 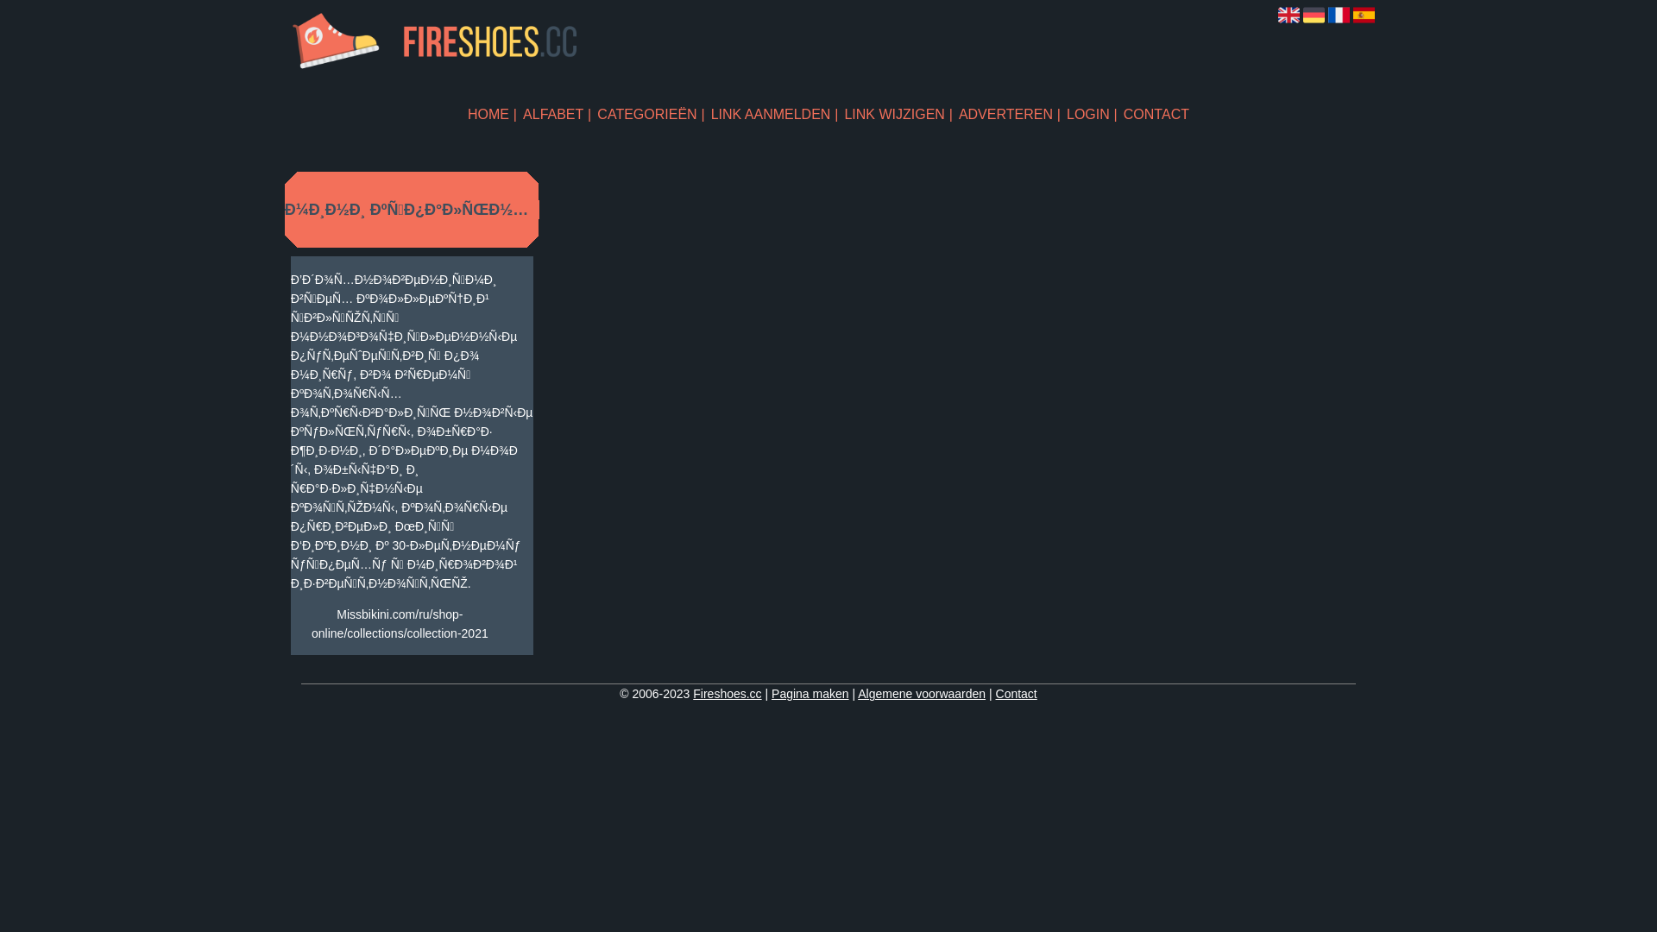 I want to click on 'LINK WIJZIGEN', so click(x=898, y=114).